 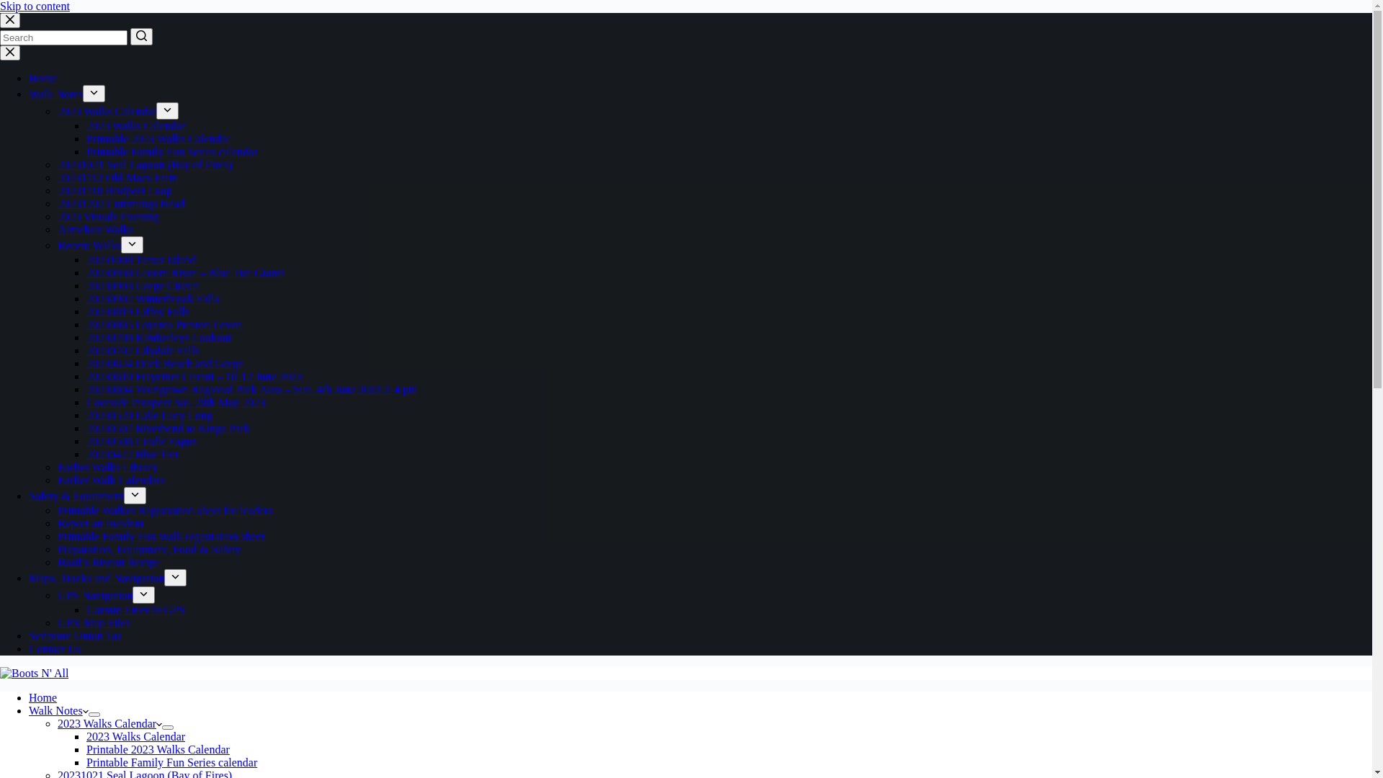 I want to click on 'Preparation, Equipment, Food & Safety', so click(x=58, y=549).